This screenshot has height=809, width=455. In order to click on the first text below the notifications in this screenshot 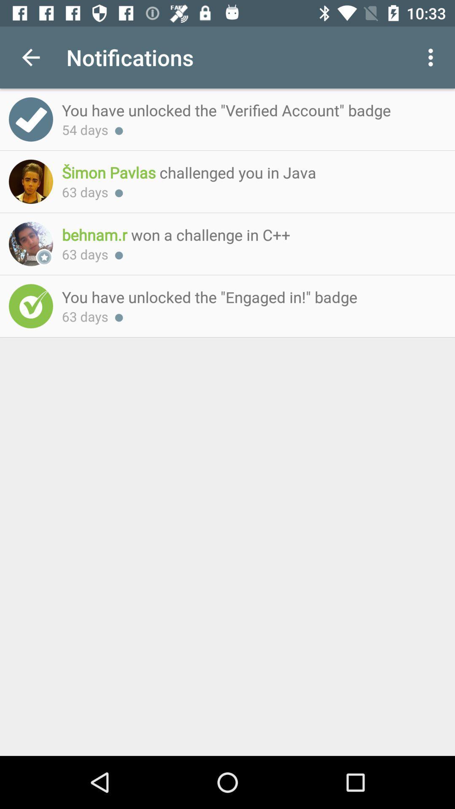, I will do `click(249, 110)`.